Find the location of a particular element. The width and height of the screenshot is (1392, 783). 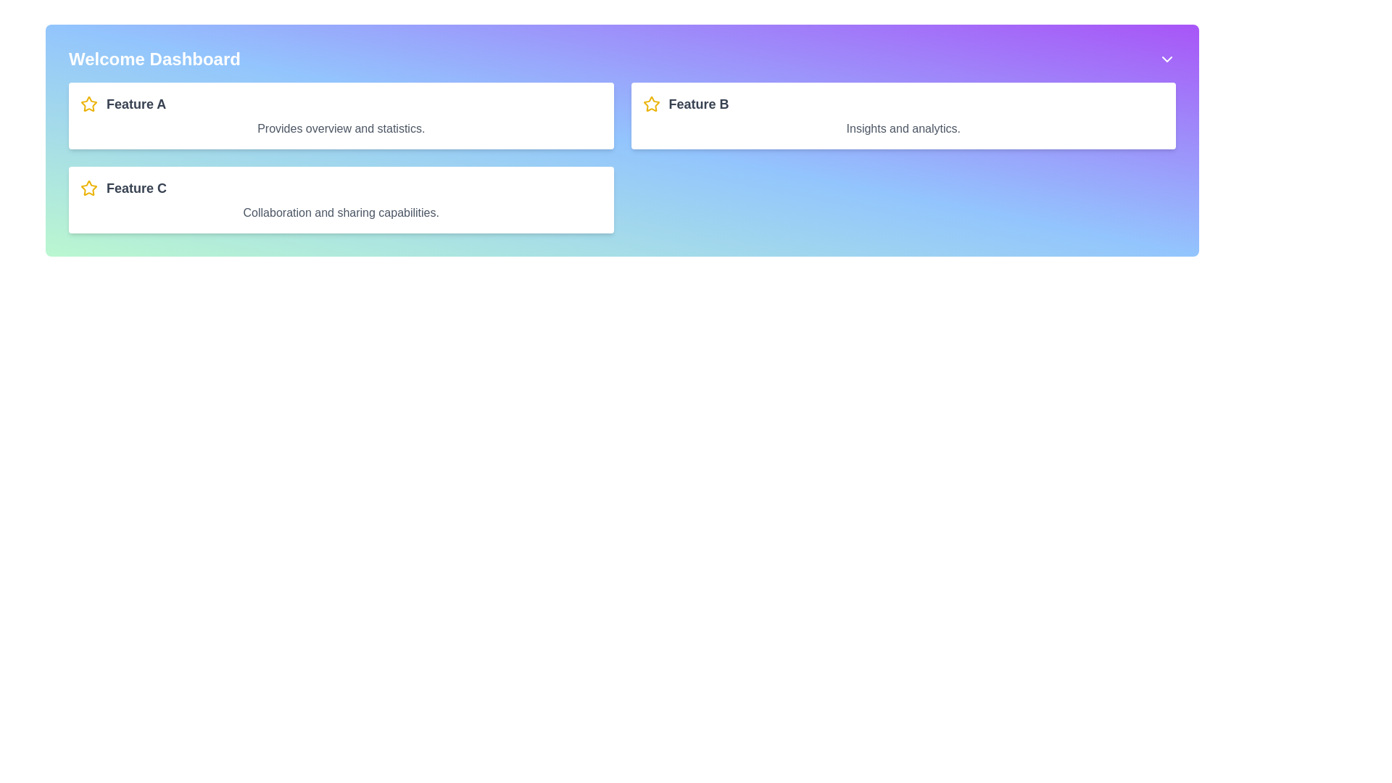

the 'Feature A' text label, which is displayed in bold dark gray, located within the first feature card is located at coordinates (136, 103).